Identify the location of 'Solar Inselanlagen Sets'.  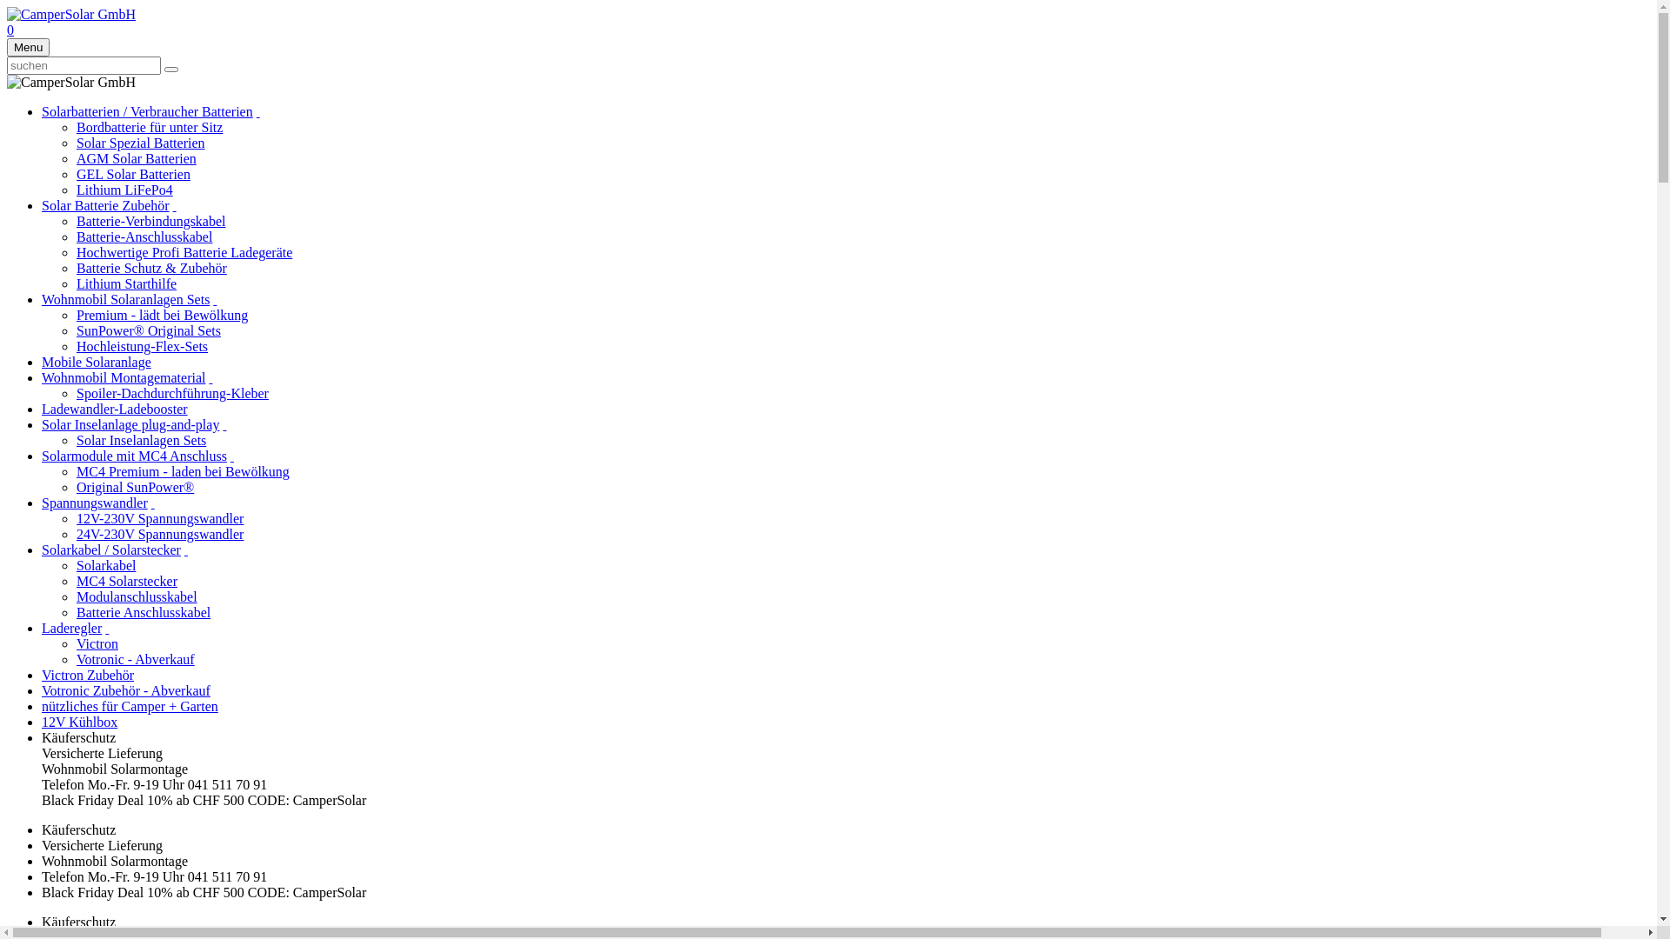
(141, 439).